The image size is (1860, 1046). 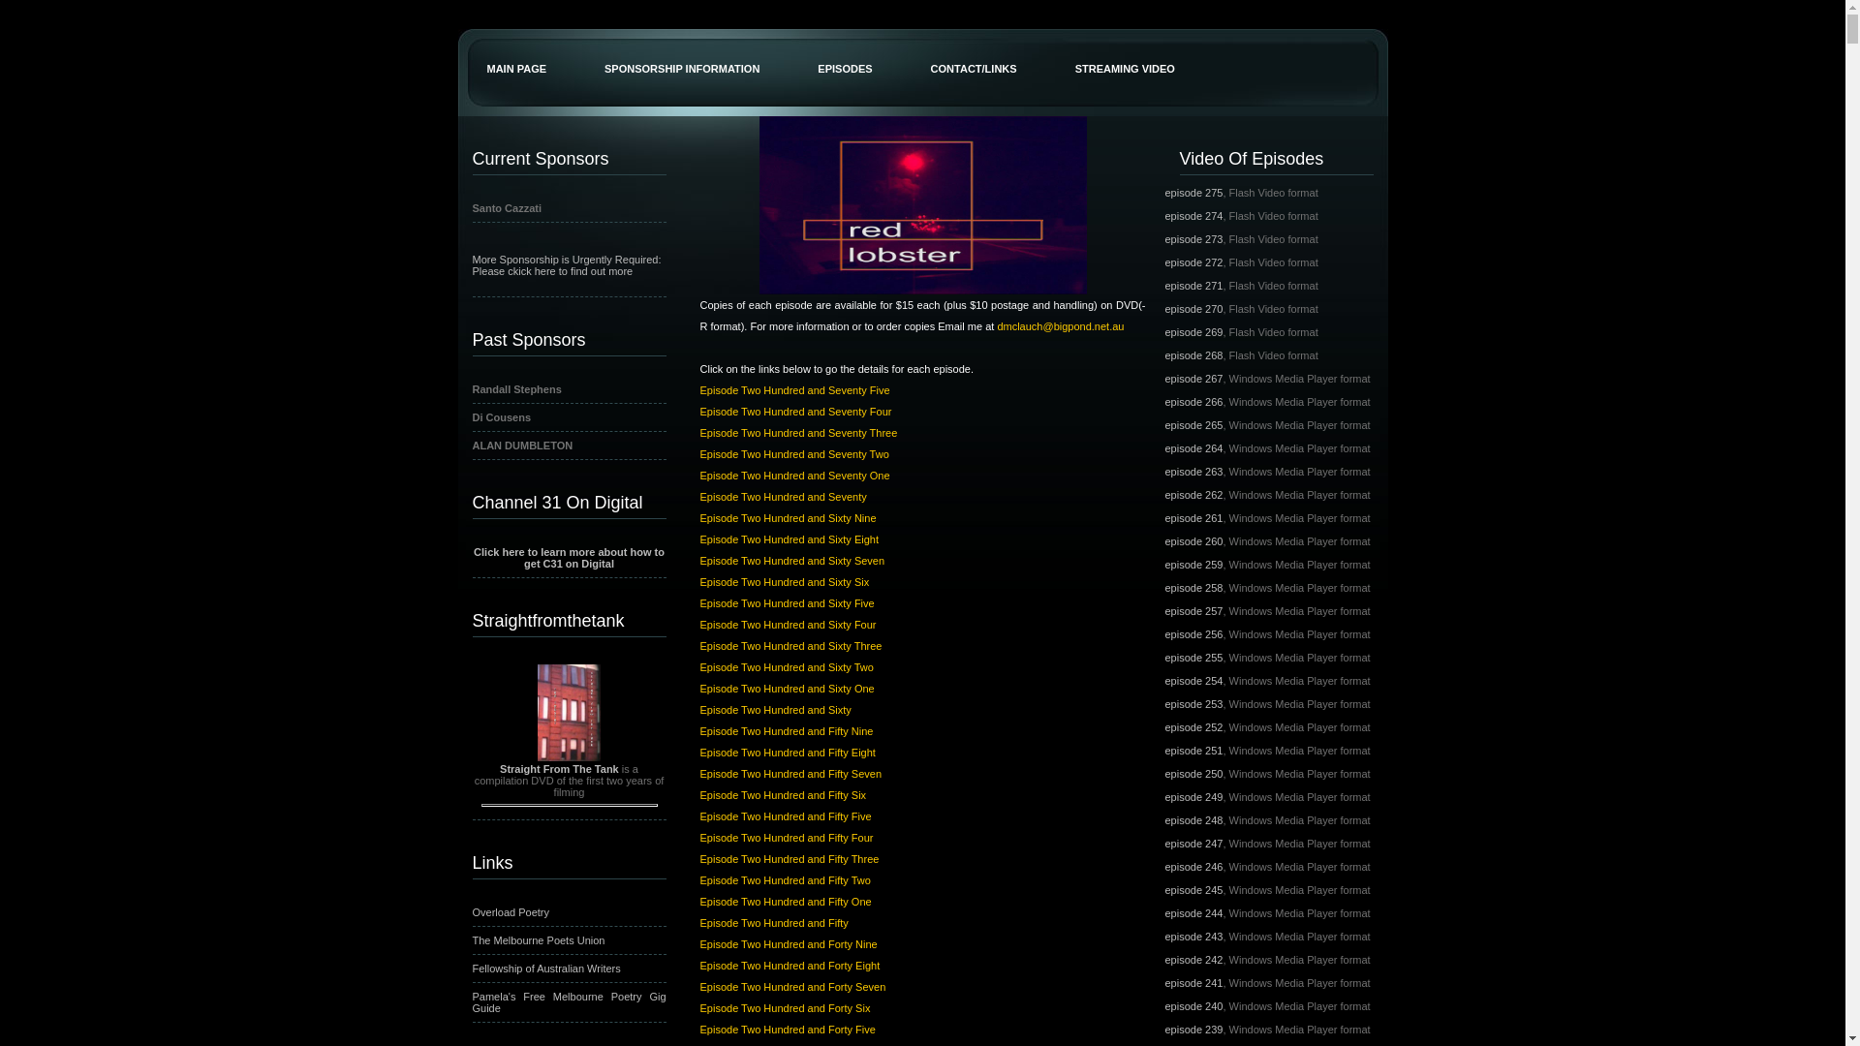 What do you see at coordinates (473, 1001) in the screenshot?
I see `'Pamela's Free Melbourne Poetry Gig Guide'` at bounding box center [473, 1001].